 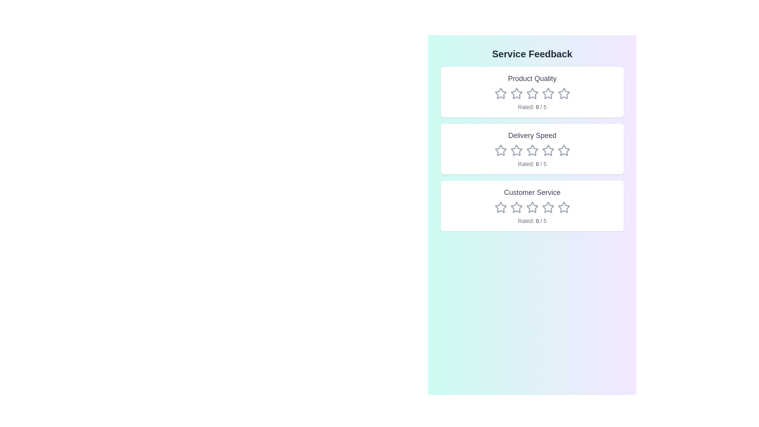 What do you see at coordinates (516, 151) in the screenshot?
I see `the rating for the category Delivery Speed to 2 stars` at bounding box center [516, 151].